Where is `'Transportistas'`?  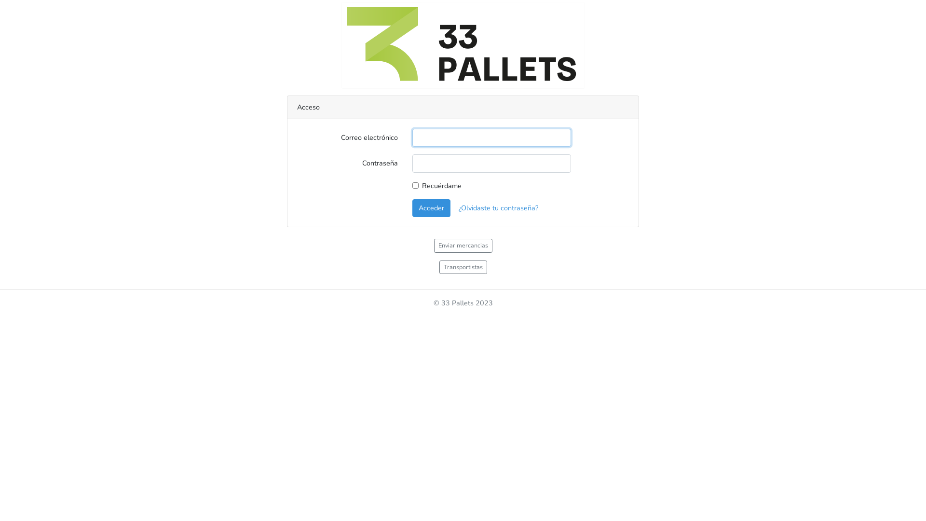
'Transportistas' is located at coordinates (462, 267).